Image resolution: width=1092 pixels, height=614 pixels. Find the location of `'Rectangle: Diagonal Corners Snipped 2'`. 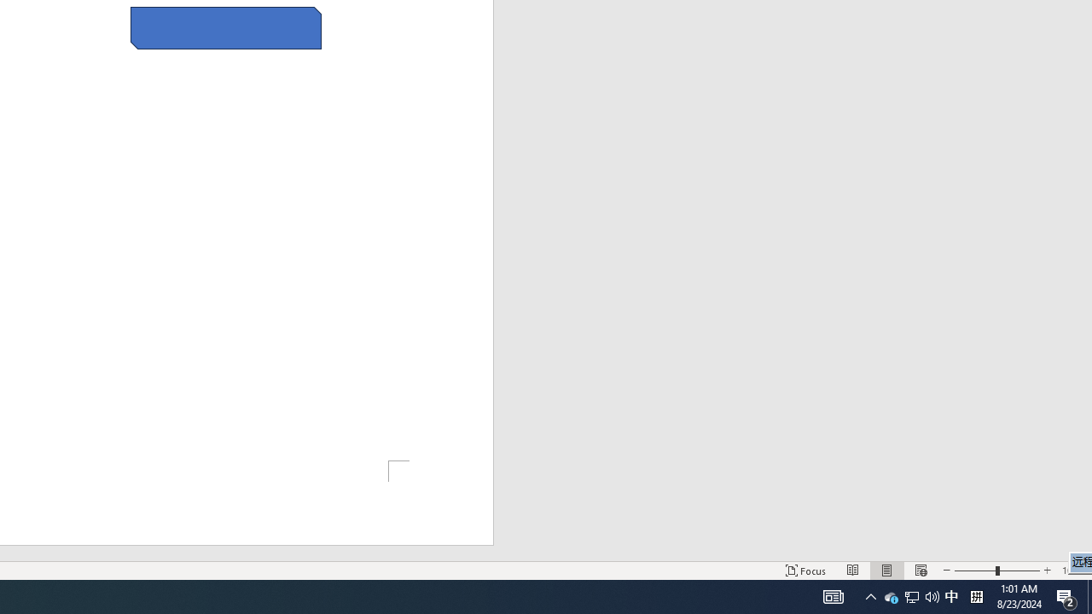

'Rectangle: Diagonal Corners Snipped 2' is located at coordinates (225, 28).